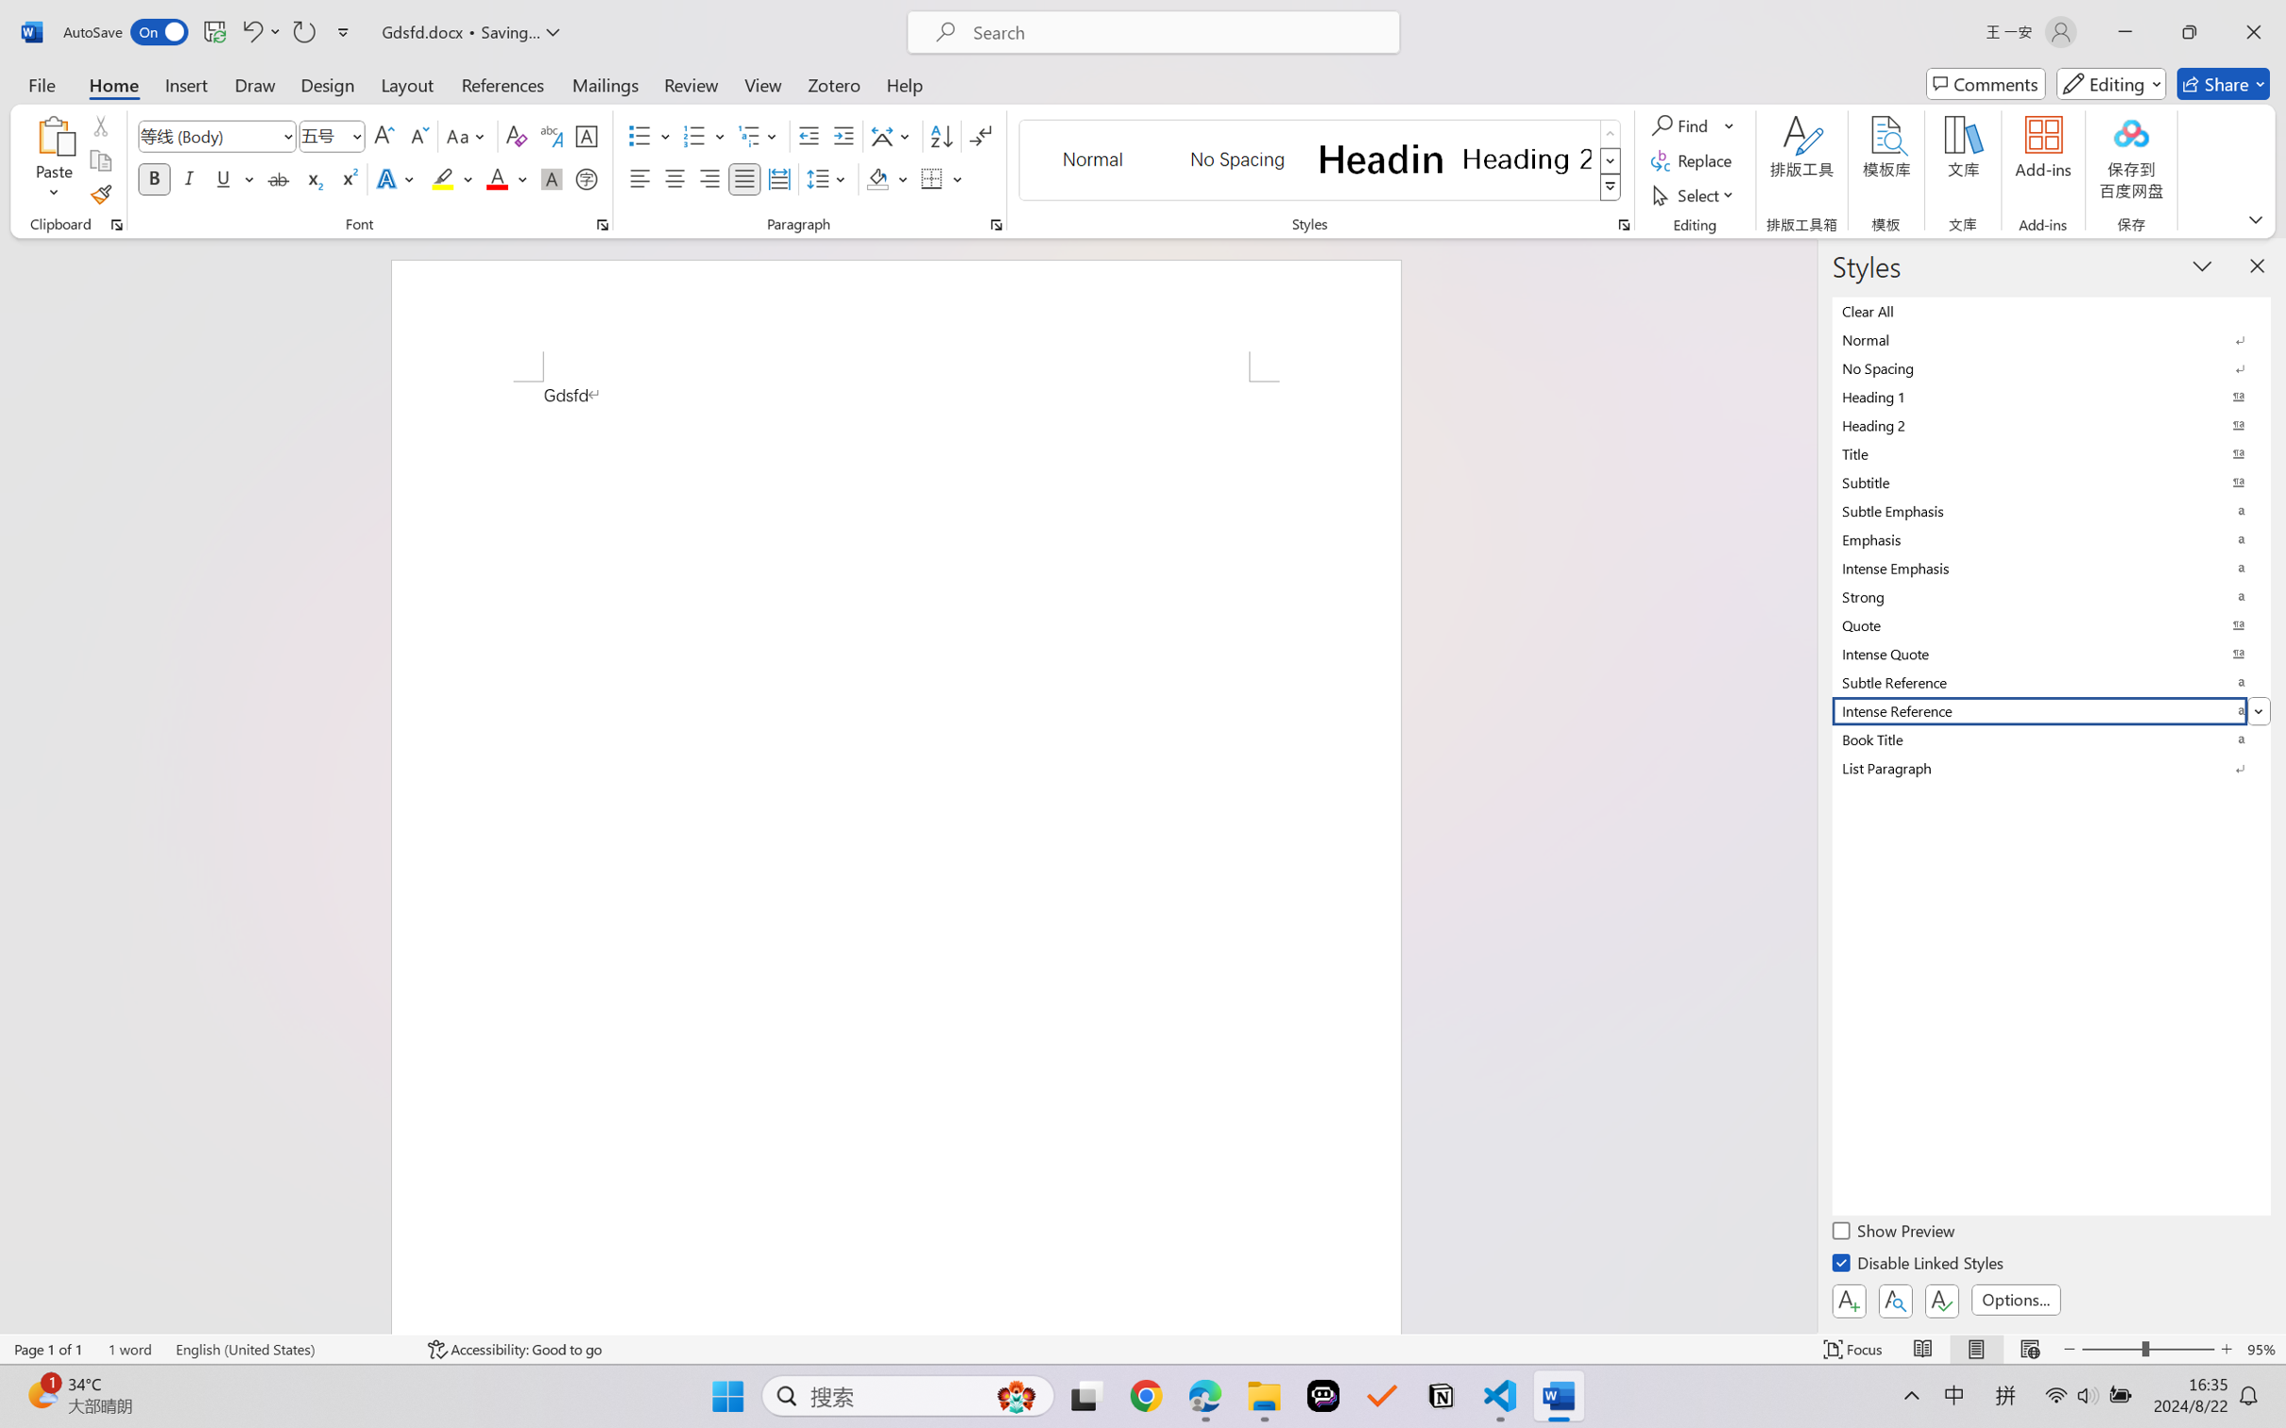 This screenshot has height=1428, width=2286. I want to click on 'Replace...', so click(1692, 161).